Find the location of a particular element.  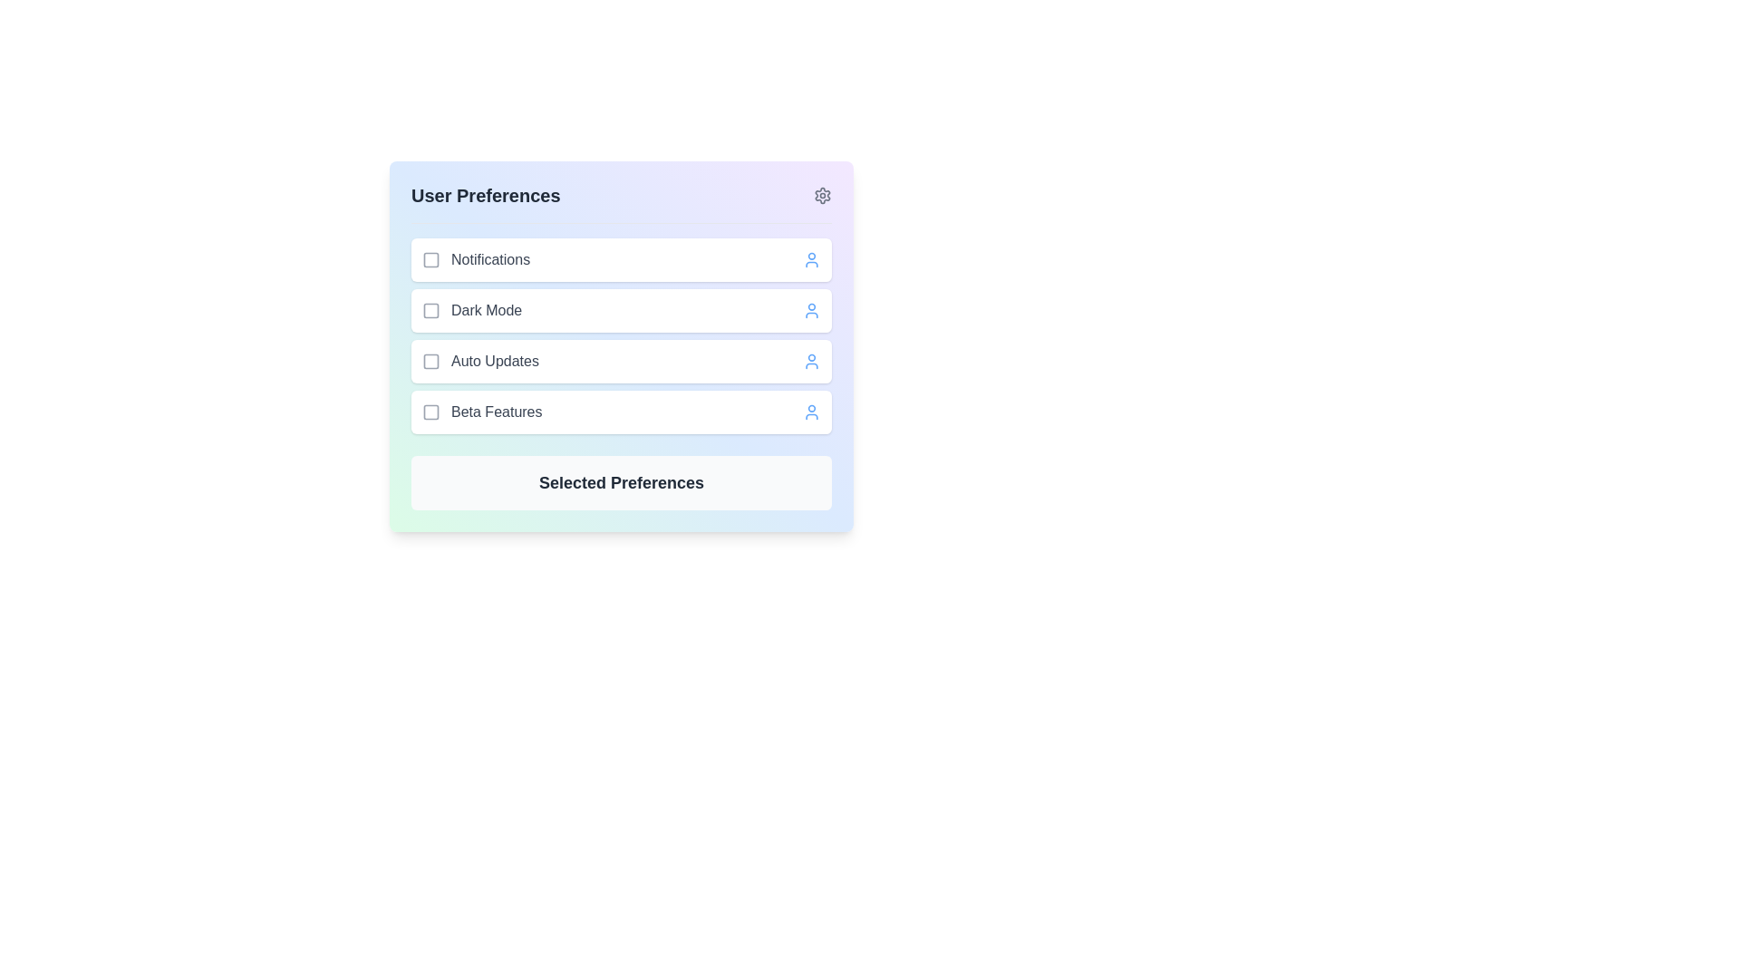

the user profile outline icon, which is styled in blue and positioned to the far right of the 'Notifications' option in the preferences list is located at coordinates (811, 259).